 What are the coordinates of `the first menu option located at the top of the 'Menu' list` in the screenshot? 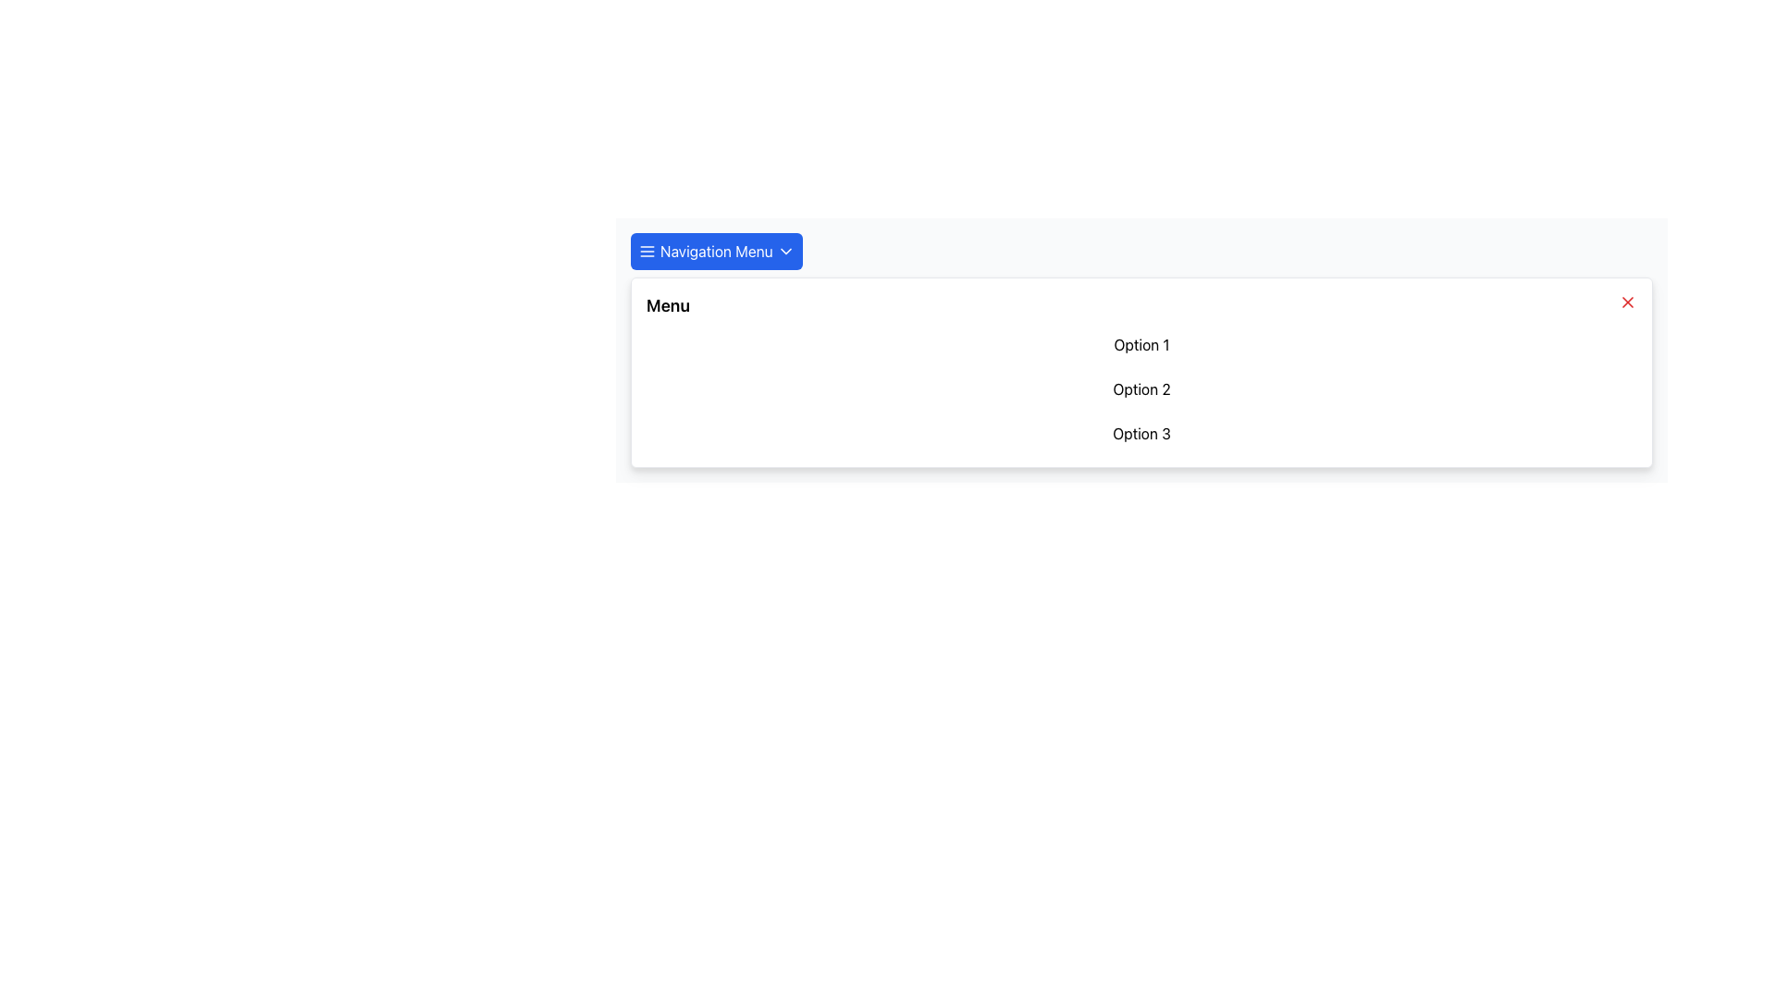 It's located at (1141, 345).